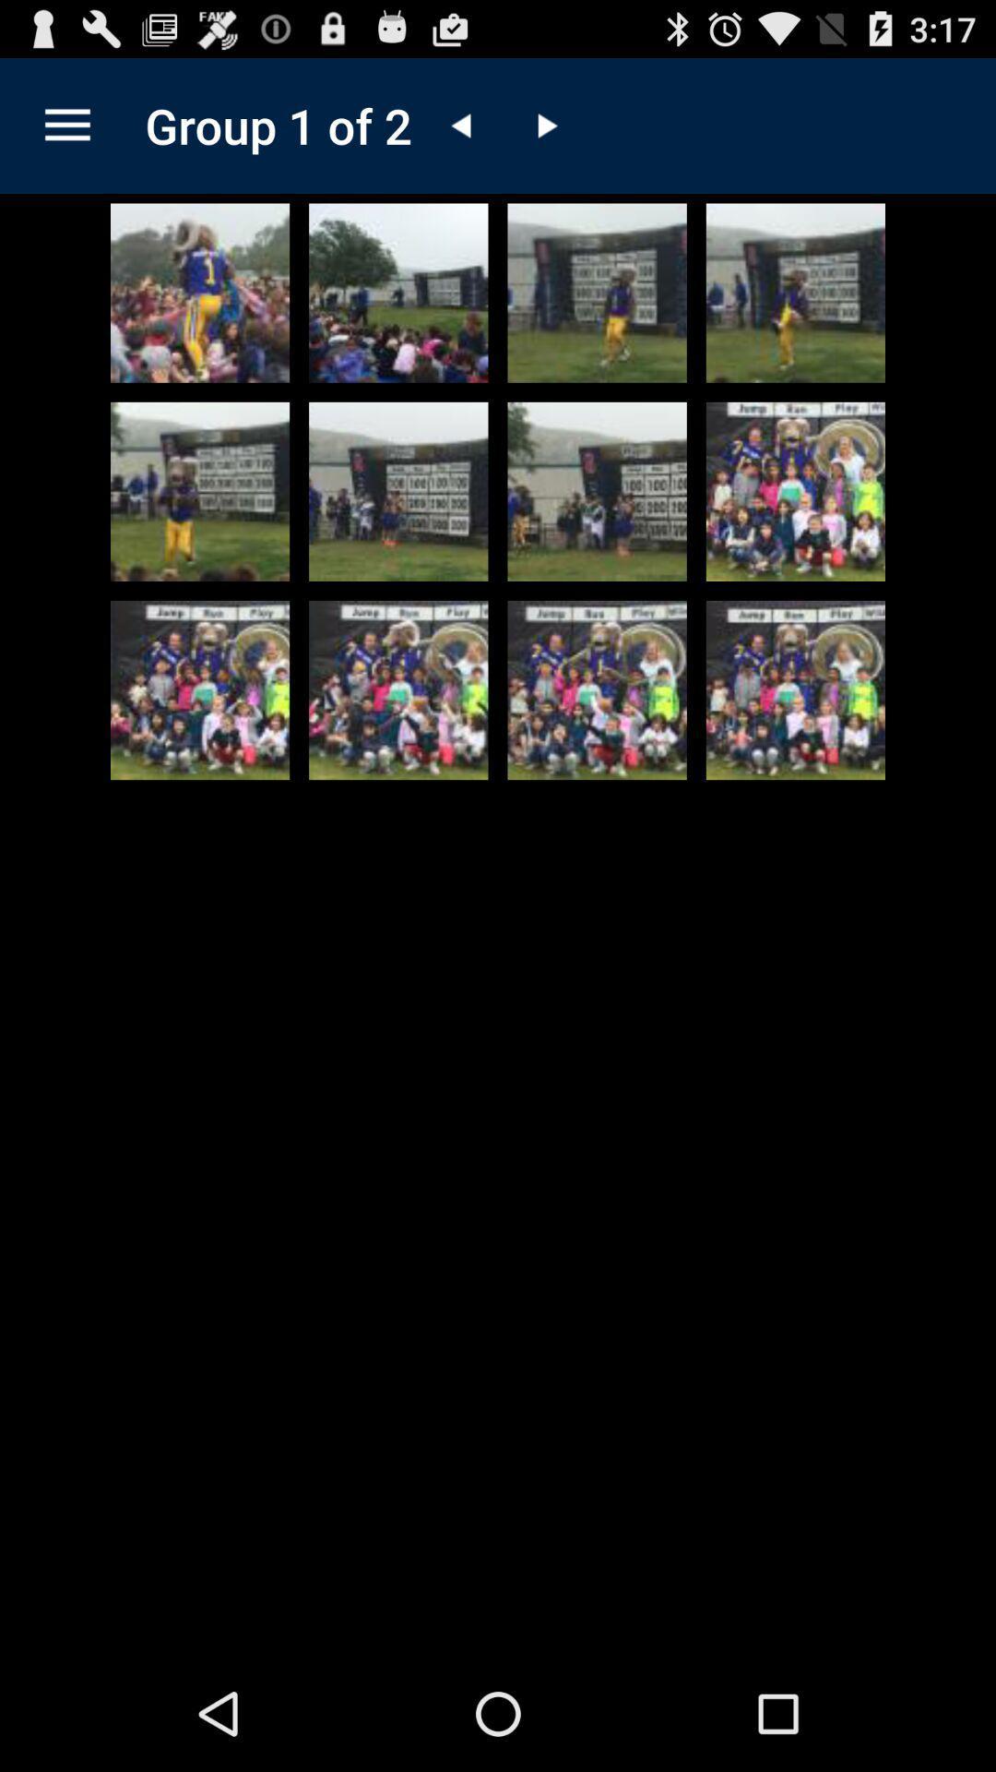  What do you see at coordinates (66, 125) in the screenshot?
I see `the item next to the group 1 of` at bounding box center [66, 125].